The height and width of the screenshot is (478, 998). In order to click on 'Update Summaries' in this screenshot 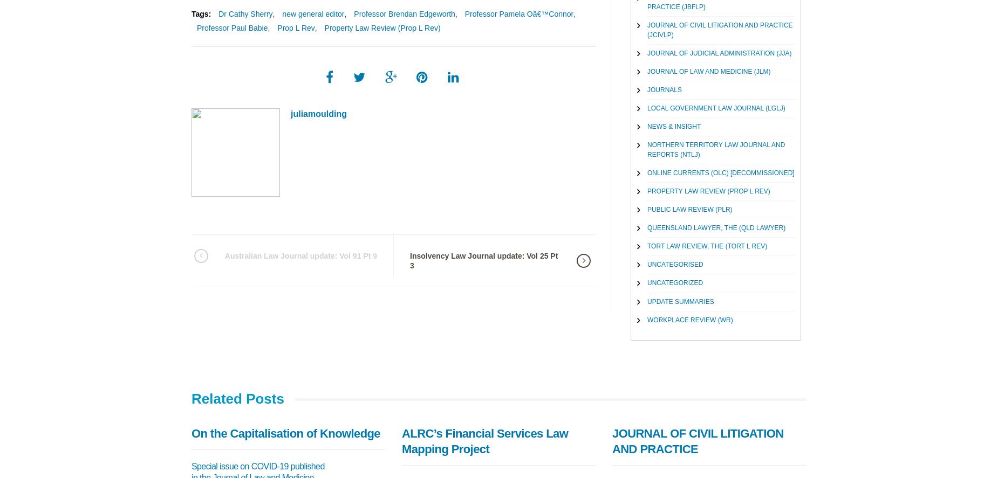, I will do `click(680, 300)`.